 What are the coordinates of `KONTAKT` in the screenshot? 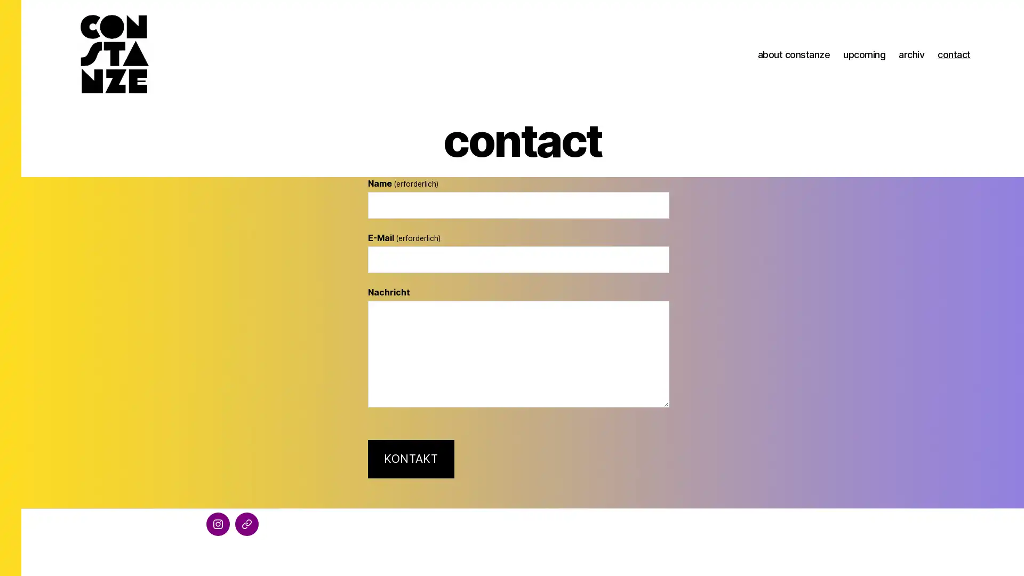 It's located at (410, 458).